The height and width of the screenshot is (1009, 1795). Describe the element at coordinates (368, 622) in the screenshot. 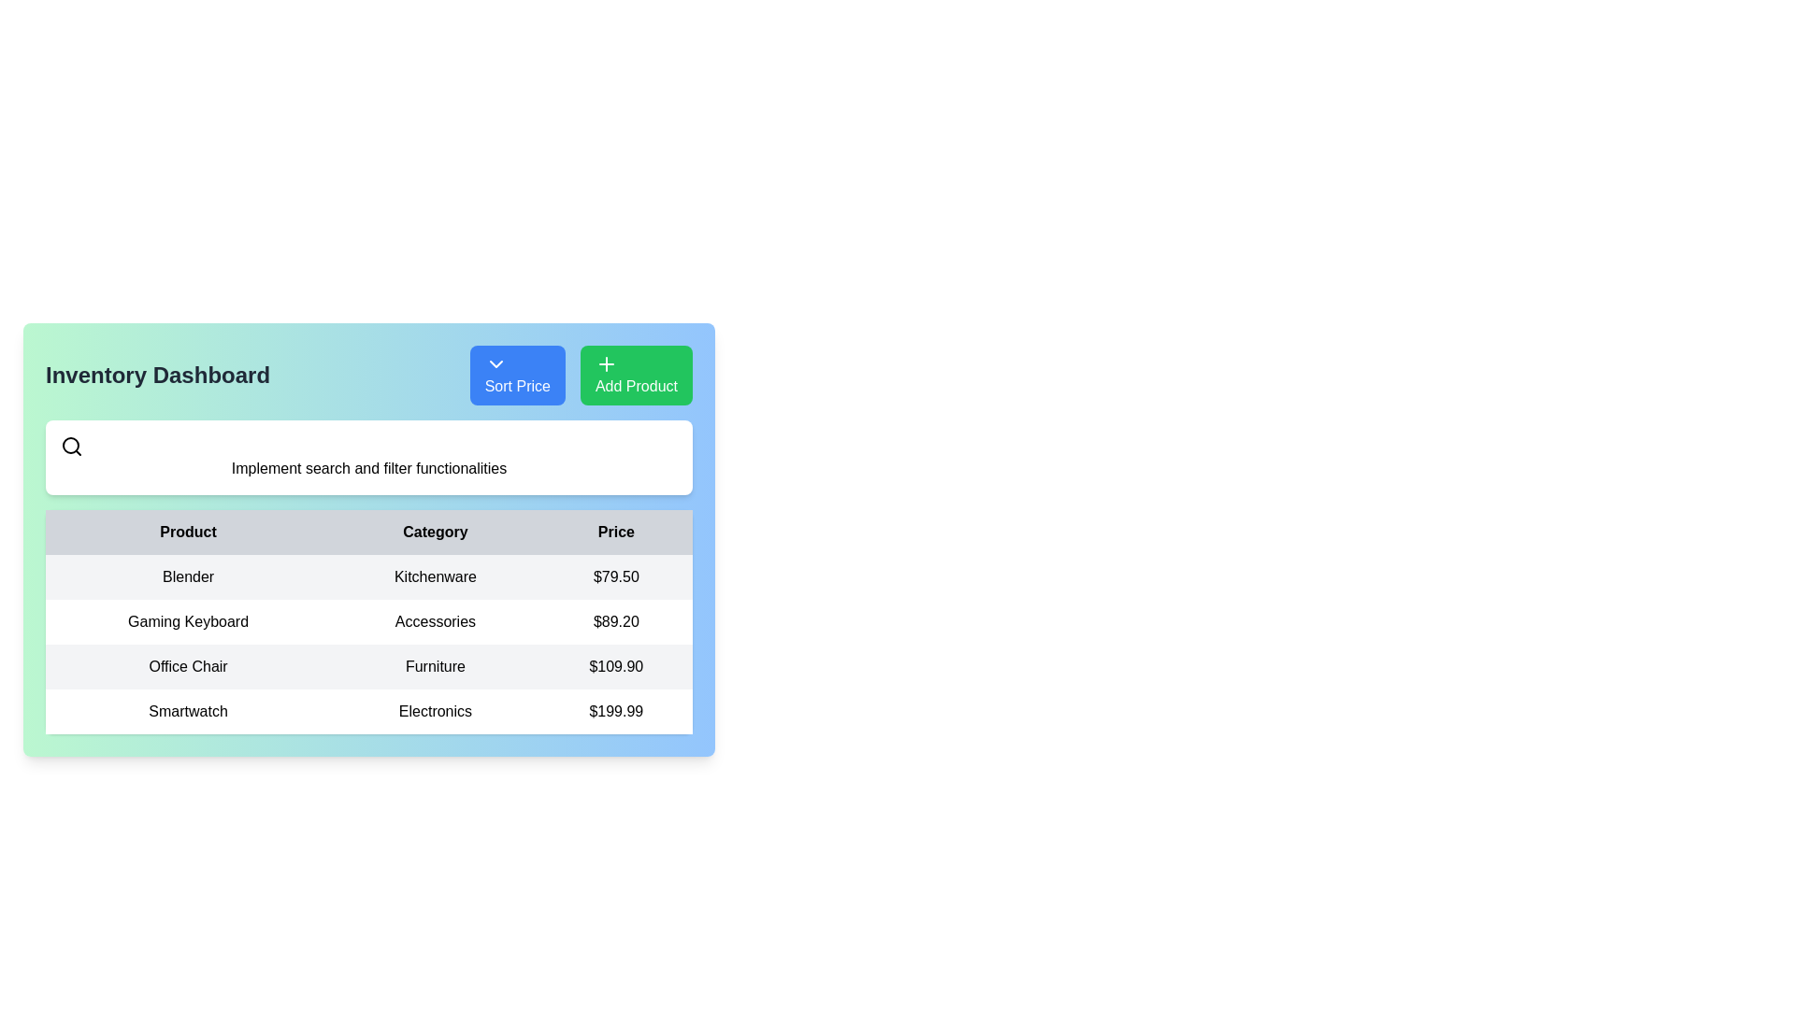

I see `the Information display row containing the product 'Gaming Keyboard', category 'Accessories', and price '$89.20'` at that location.